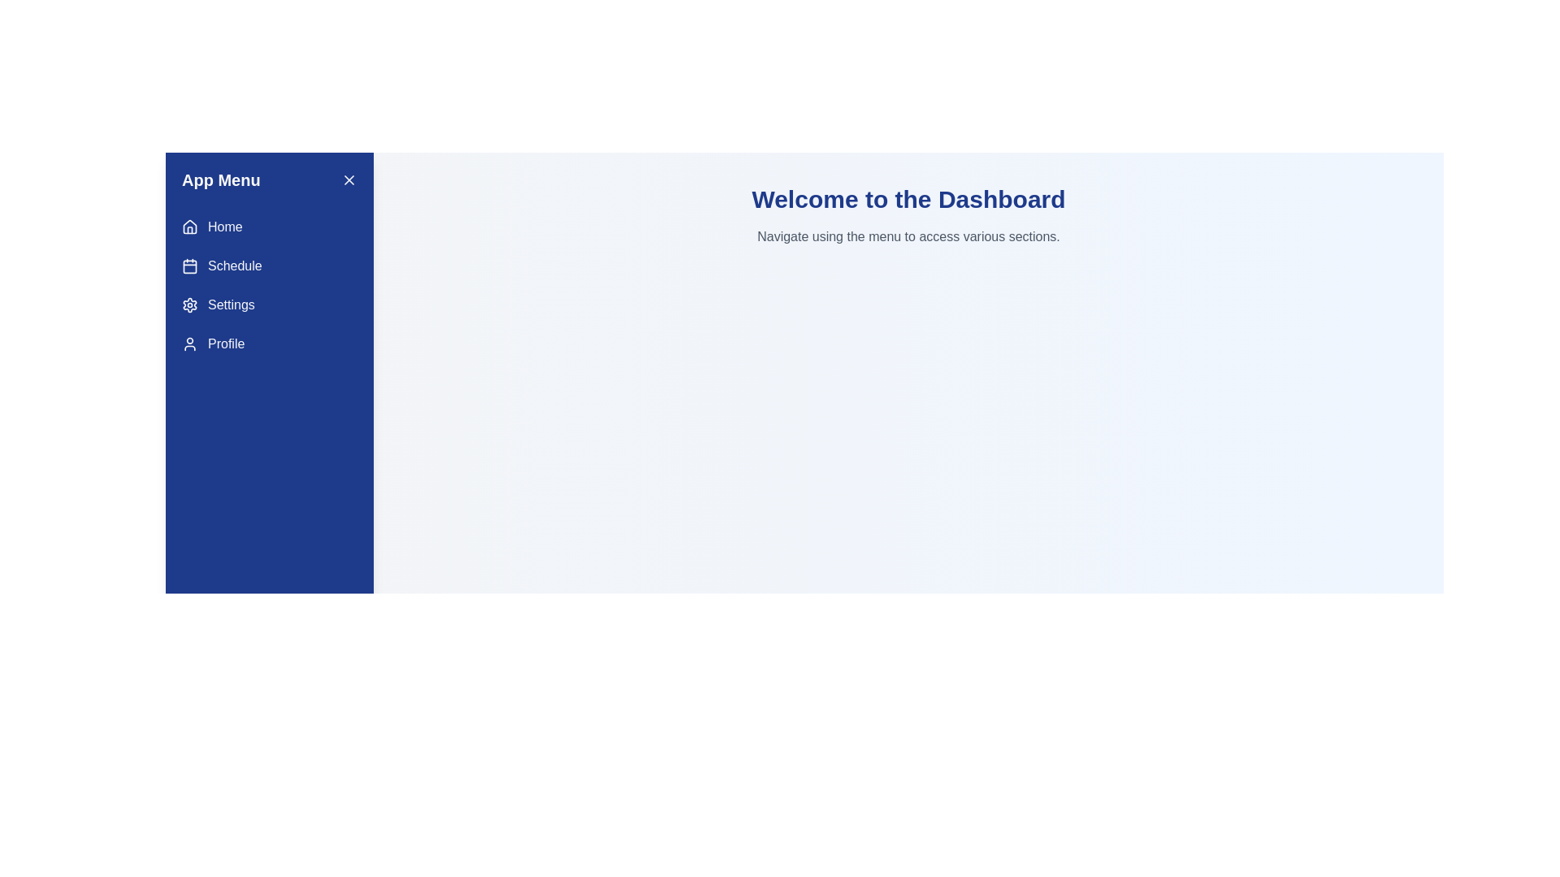 The height and width of the screenshot is (877, 1560). What do you see at coordinates (269, 305) in the screenshot?
I see `the menu item Settings to navigate to the corresponding section` at bounding box center [269, 305].